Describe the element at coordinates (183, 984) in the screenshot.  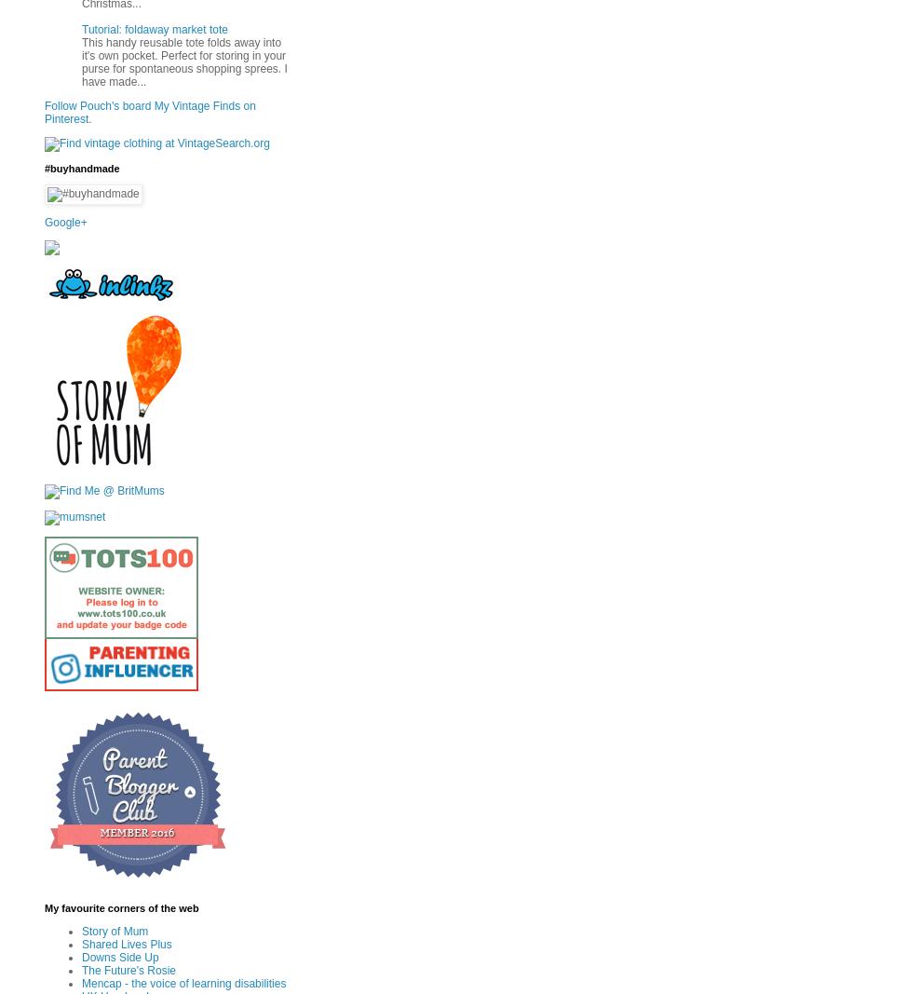
I see `'Mencap -  the voice of learning disabilities'` at that location.